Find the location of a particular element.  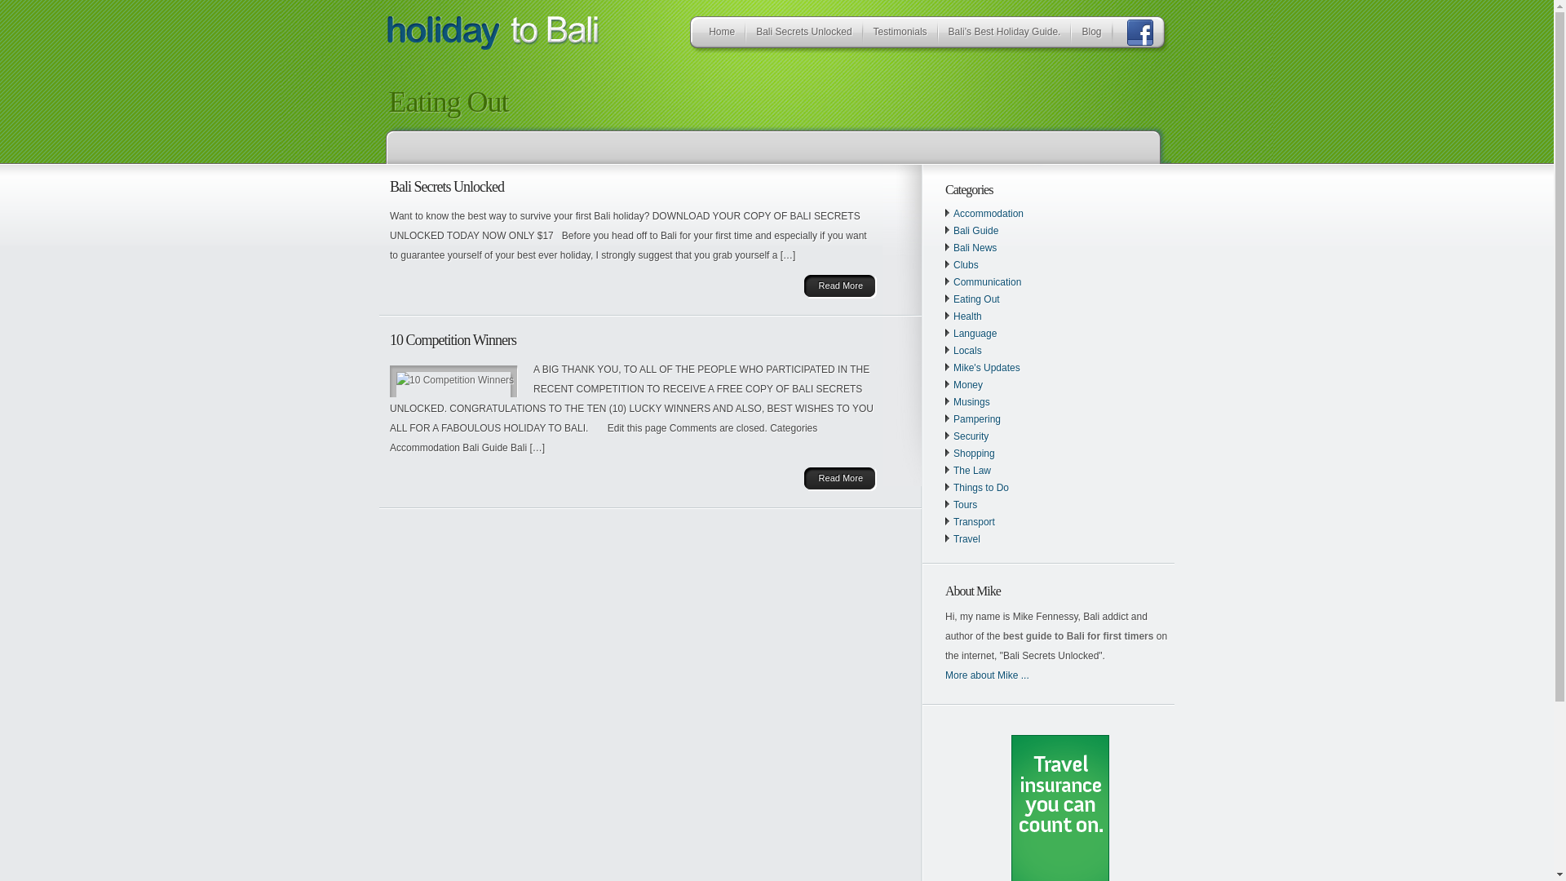

'Bali News' is located at coordinates (953, 248).